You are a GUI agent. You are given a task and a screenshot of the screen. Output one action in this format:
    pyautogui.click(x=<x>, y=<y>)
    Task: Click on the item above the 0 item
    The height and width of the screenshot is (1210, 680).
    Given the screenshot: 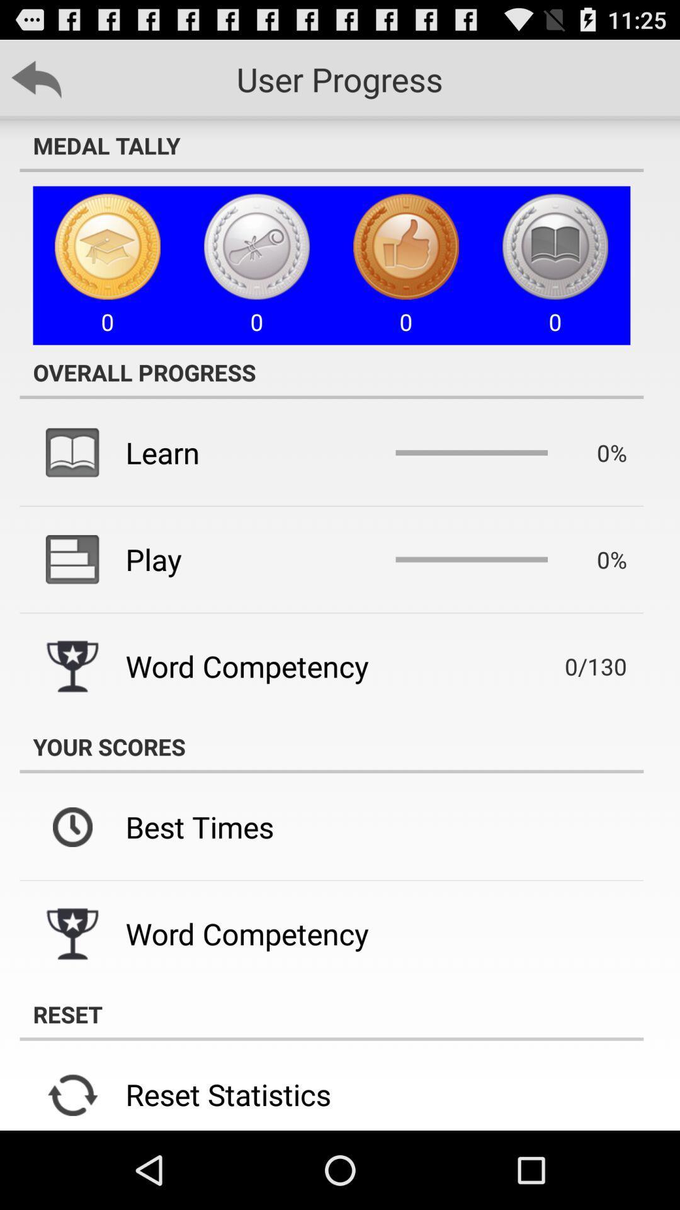 What is the action you would take?
    pyautogui.click(x=331, y=145)
    